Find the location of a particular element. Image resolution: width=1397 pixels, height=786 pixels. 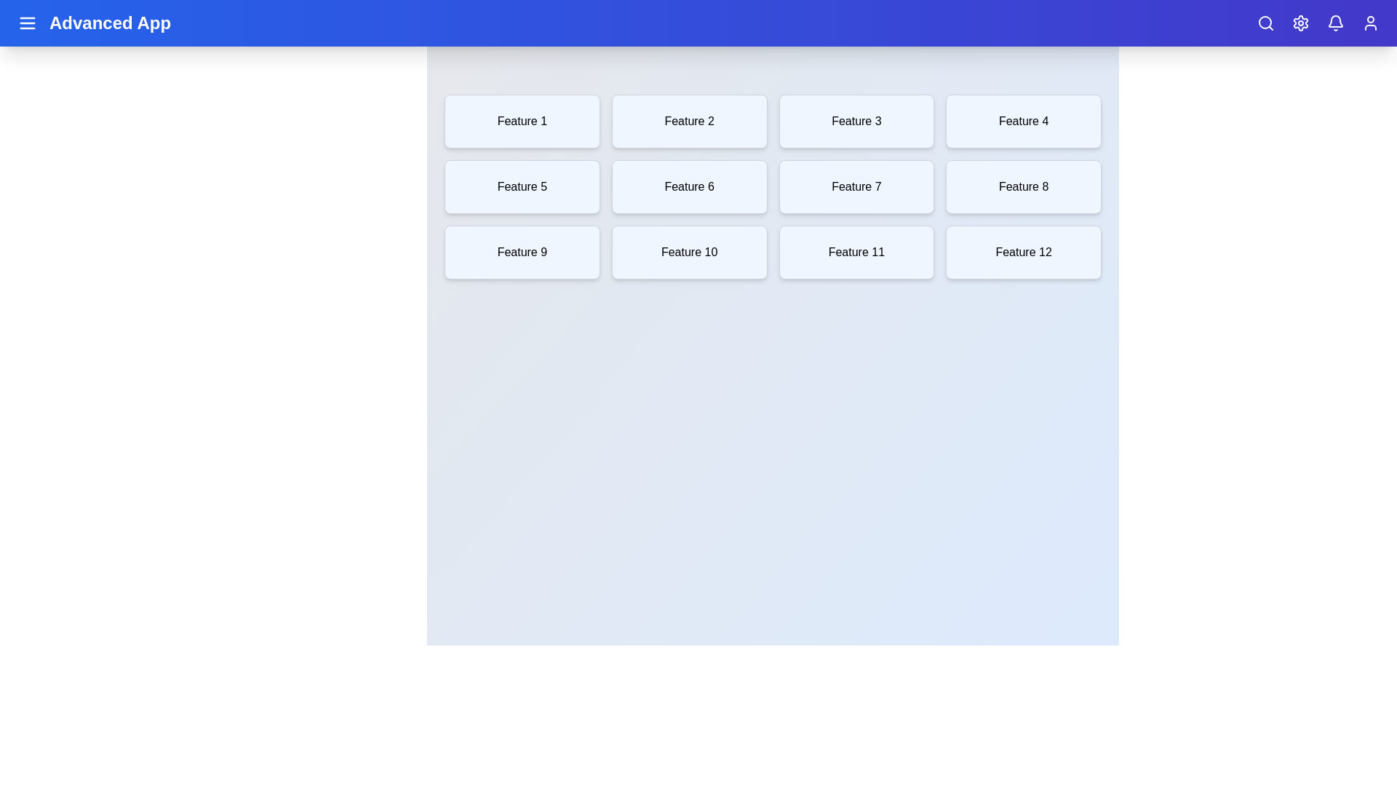

the bell icon to interact with it is located at coordinates (1336, 23).